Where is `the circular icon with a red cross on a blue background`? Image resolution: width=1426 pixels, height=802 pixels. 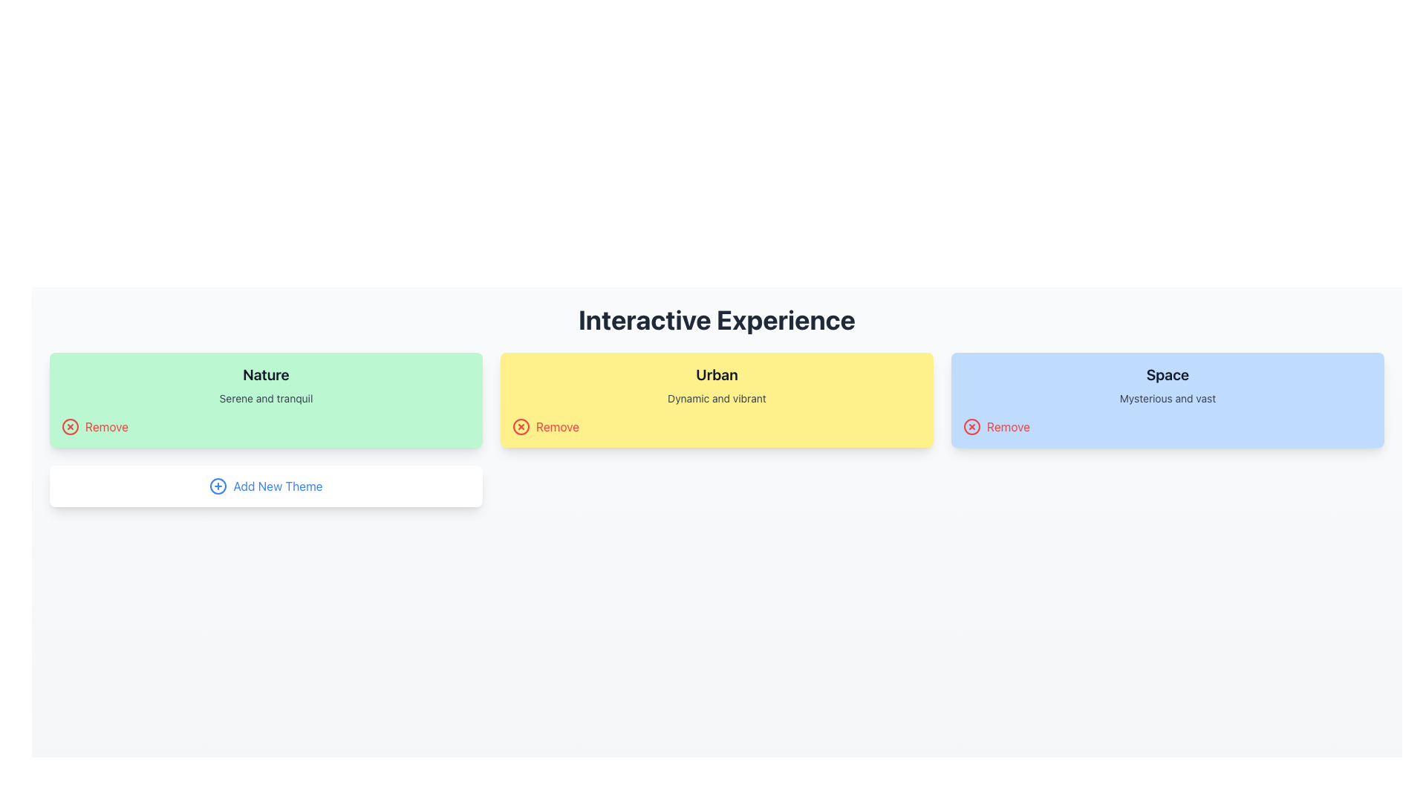 the circular icon with a red cross on a blue background is located at coordinates (972, 426).